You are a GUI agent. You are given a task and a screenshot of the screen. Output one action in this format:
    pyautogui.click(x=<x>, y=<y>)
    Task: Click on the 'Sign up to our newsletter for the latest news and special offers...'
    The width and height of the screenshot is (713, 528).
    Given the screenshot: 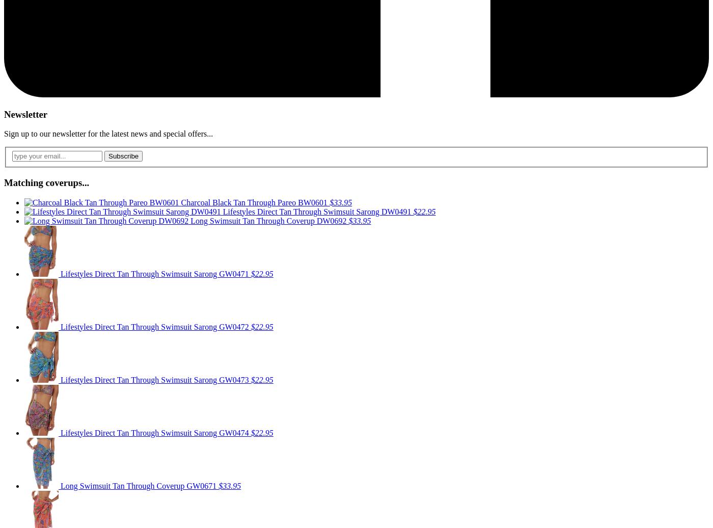 What is the action you would take?
    pyautogui.click(x=4, y=134)
    